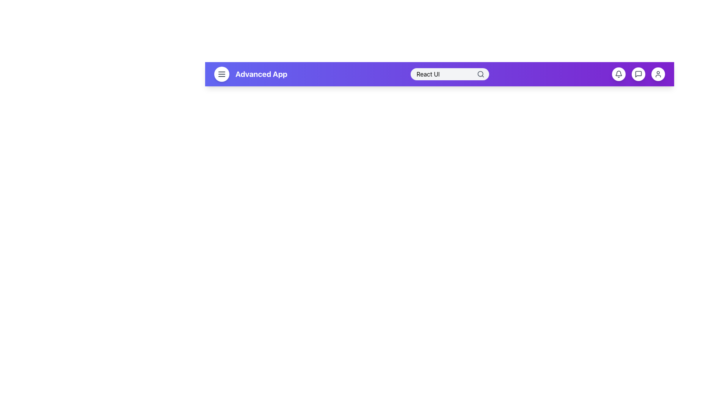 The image size is (728, 409). I want to click on the messaging button located in the top-right corner, second from the right, so click(638, 74).